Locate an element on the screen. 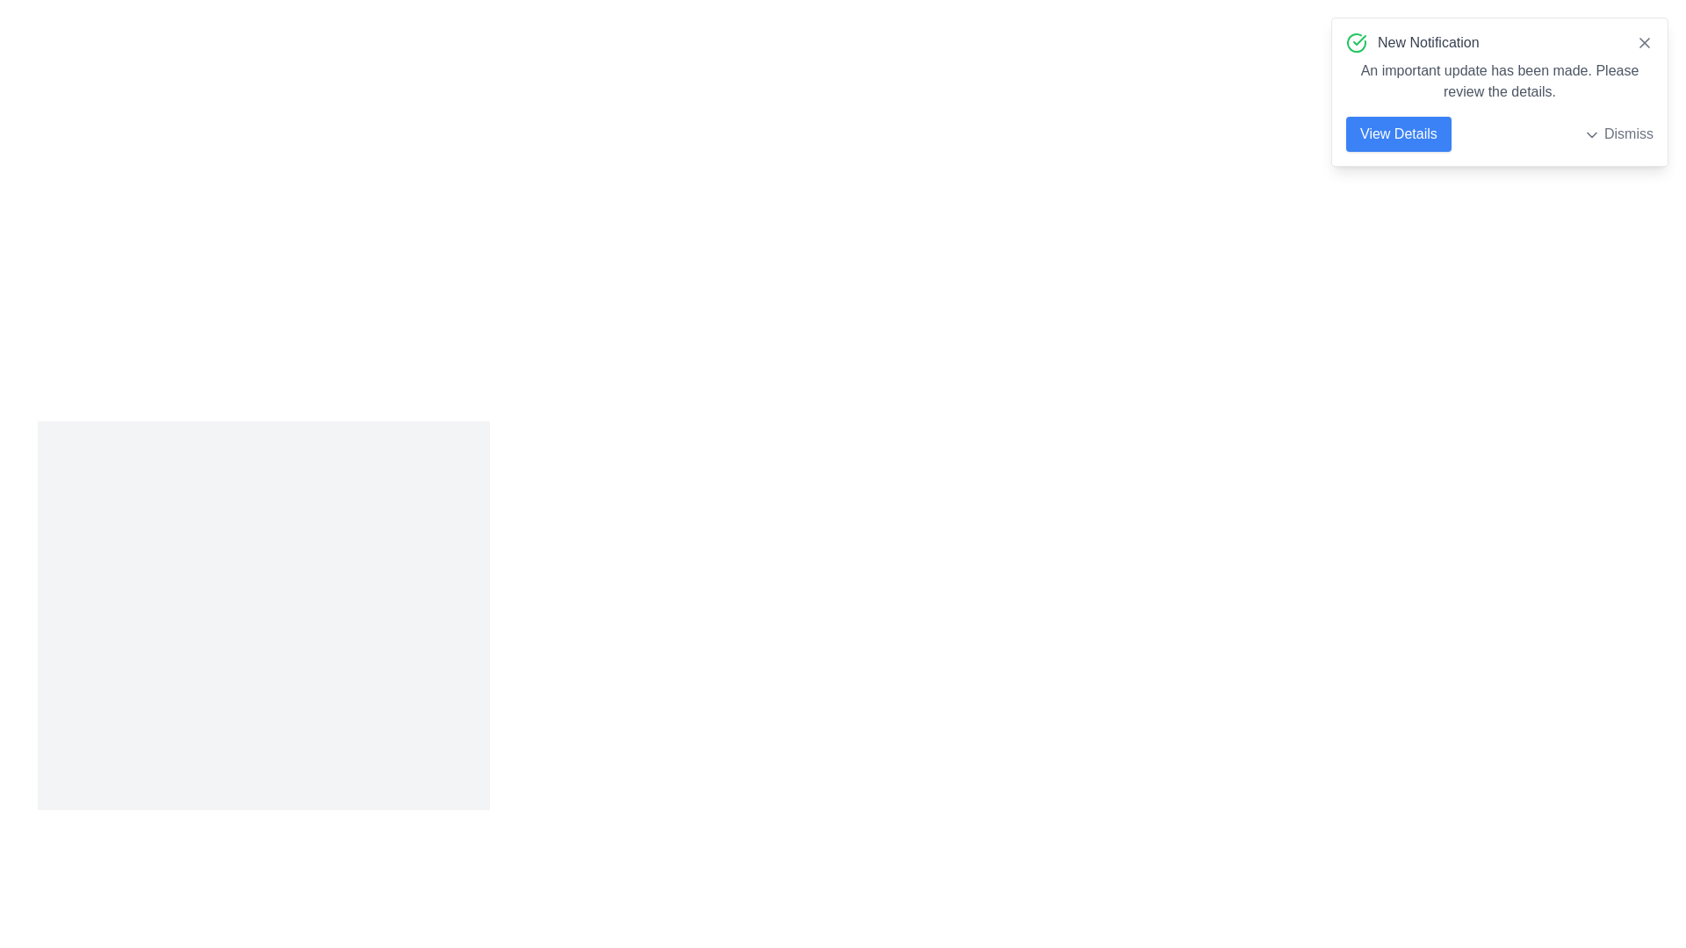 Image resolution: width=1686 pixels, height=948 pixels. the close button of the notification alert is located at coordinates (1643, 42).